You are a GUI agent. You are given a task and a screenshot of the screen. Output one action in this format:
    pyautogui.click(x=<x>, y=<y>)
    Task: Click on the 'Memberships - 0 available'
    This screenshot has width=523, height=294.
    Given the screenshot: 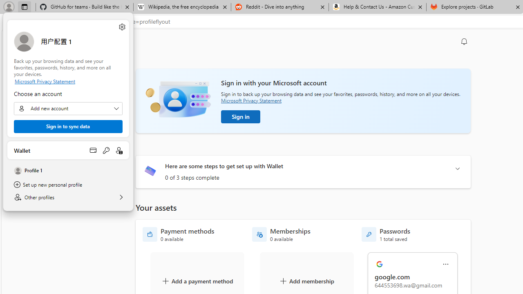 What is the action you would take?
    pyautogui.click(x=281, y=234)
    